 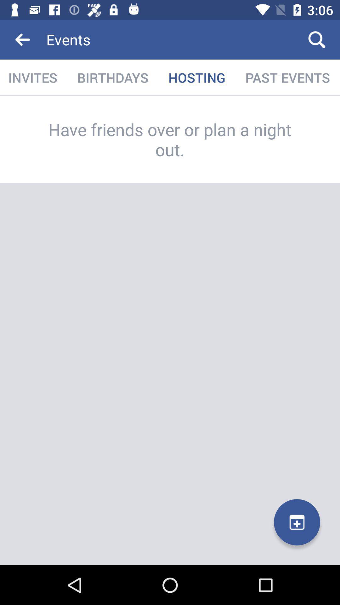 I want to click on icon to the right of hosting icon, so click(x=287, y=77).